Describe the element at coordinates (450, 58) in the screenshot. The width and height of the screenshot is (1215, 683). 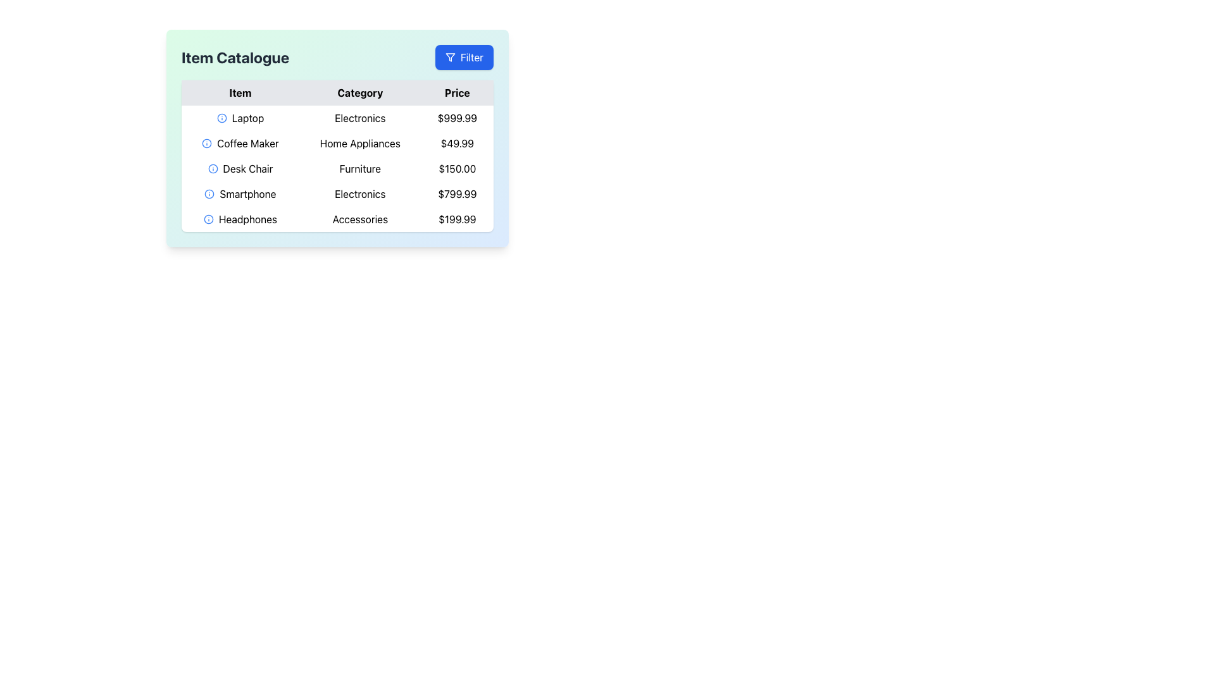
I see `the funnel outline icon located at the center of the blue rectangular 'Filter' button in the top-right corner of the item table section` at that location.